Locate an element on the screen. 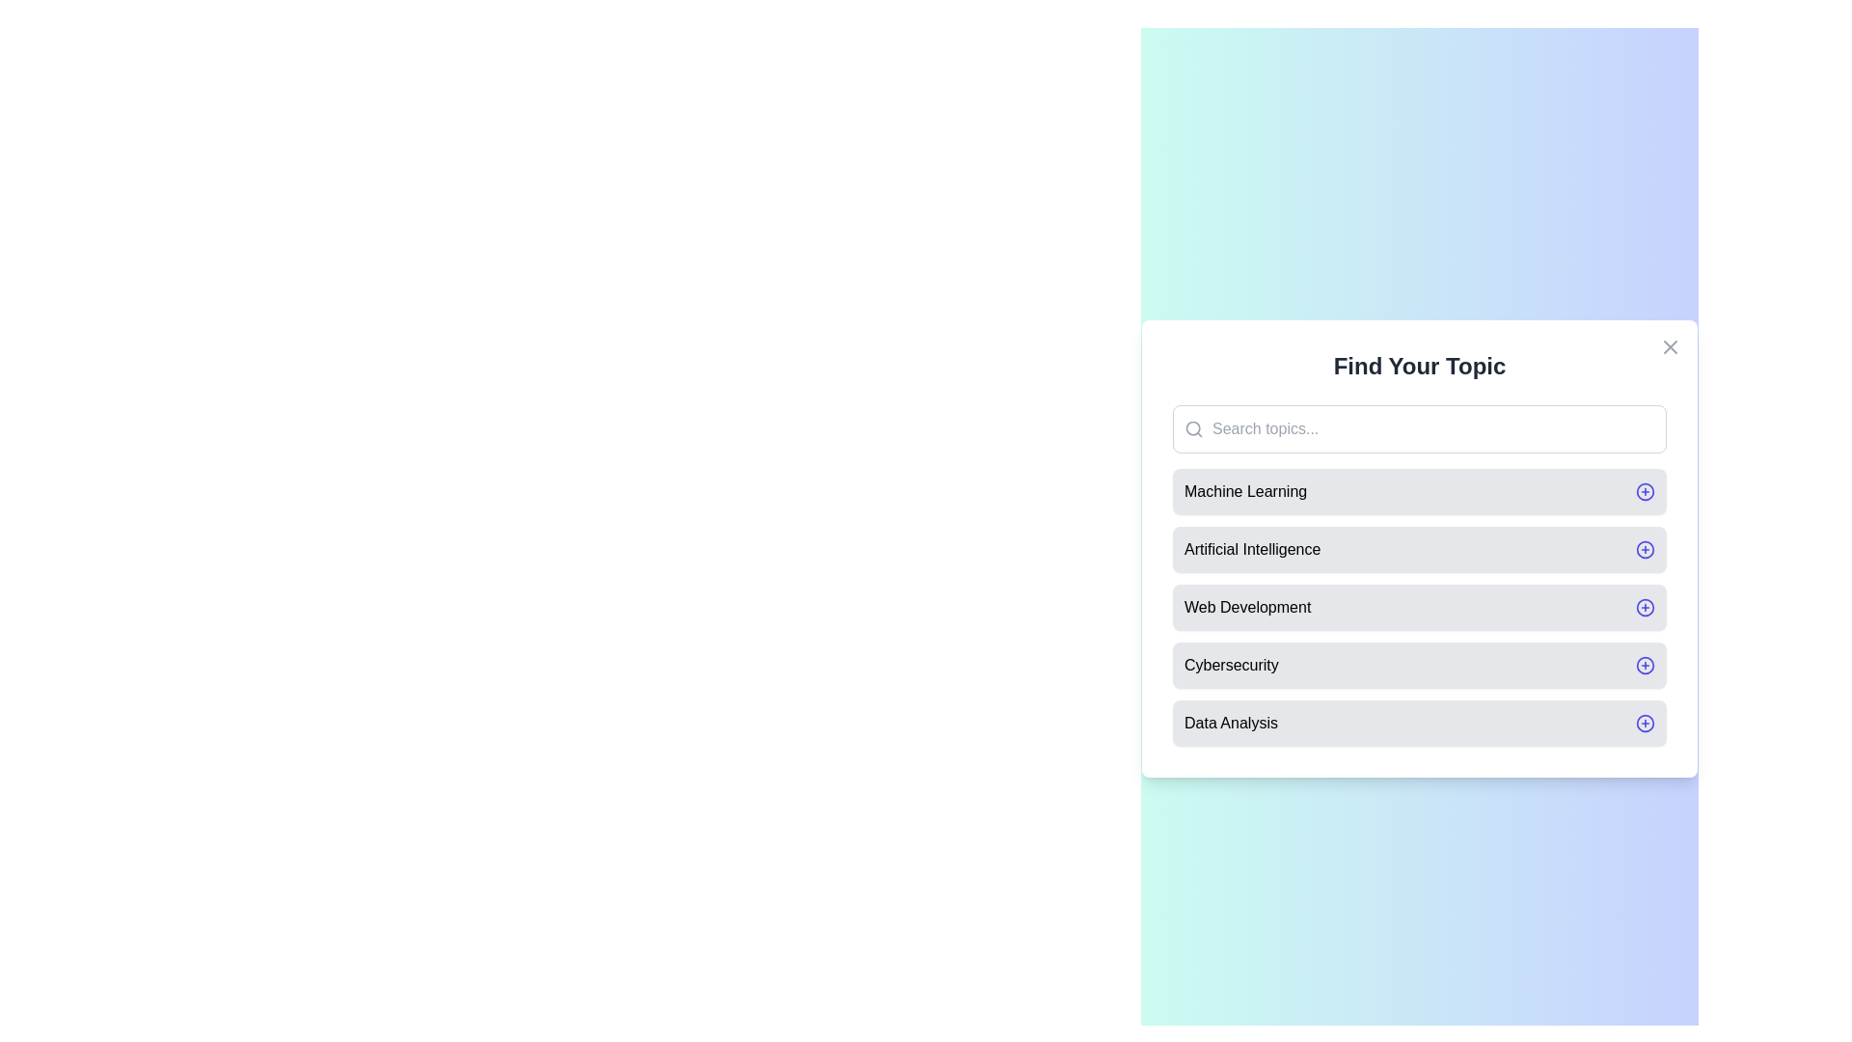  the topic Machine Learning from the list is located at coordinates (1420, 490).